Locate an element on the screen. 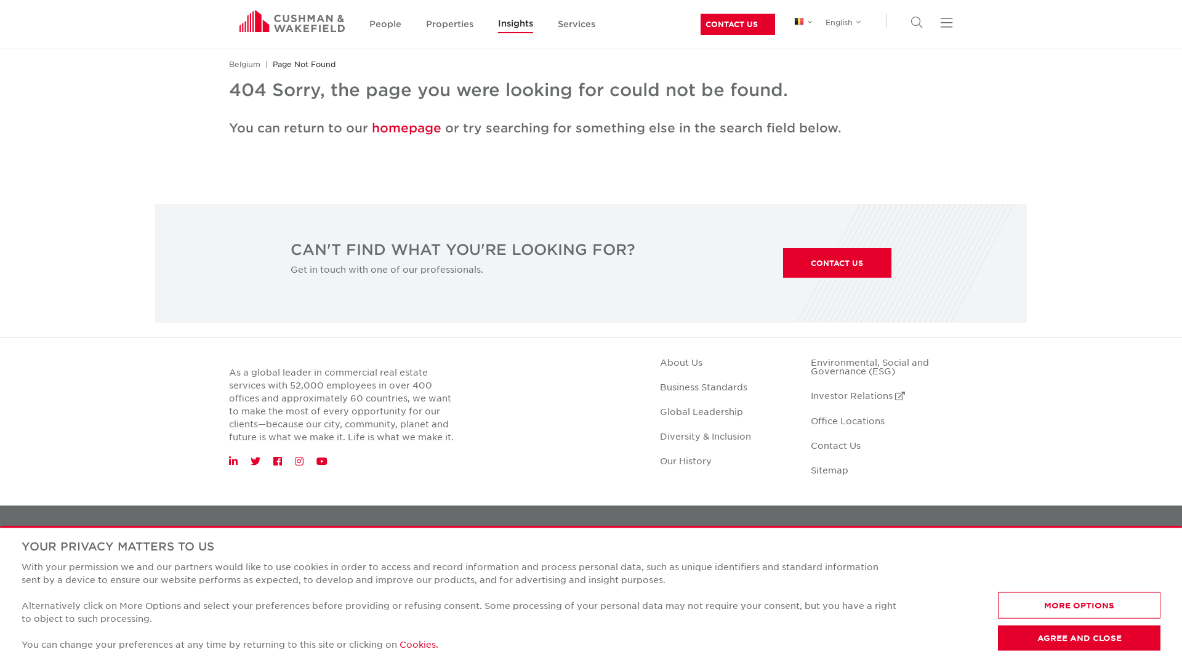 Image resolution: width=1182 pixels, height=665 pixels. 'Our History' is located at coordinates (685, 461).